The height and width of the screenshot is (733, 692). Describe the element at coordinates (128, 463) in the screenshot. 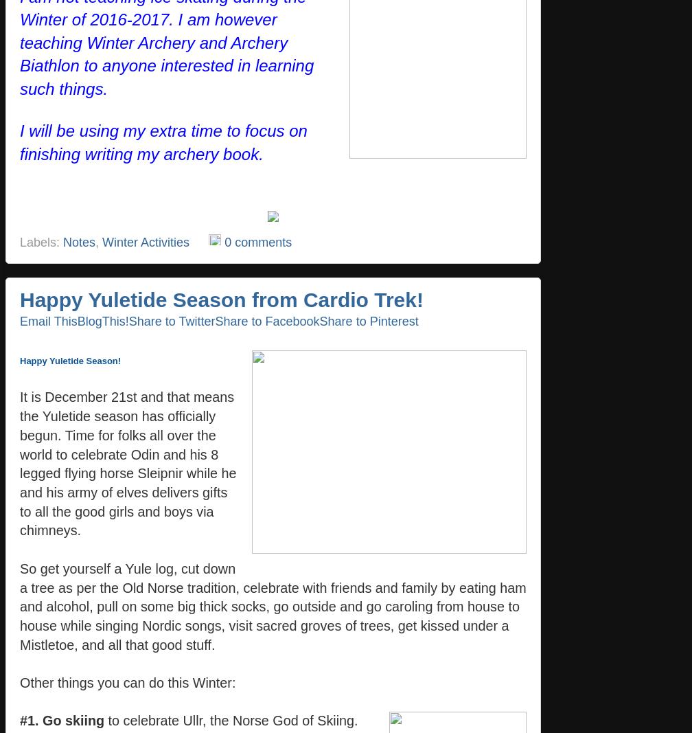

I see `'It is December 21st and that means the Yuletide season has officially begun. Time for folks all over the world to celebrate Odin and his 8 legged flying horse Sleipnir while he and his army of elves delivers gifts to all the good girls and boys via chimneys.'` at that location.